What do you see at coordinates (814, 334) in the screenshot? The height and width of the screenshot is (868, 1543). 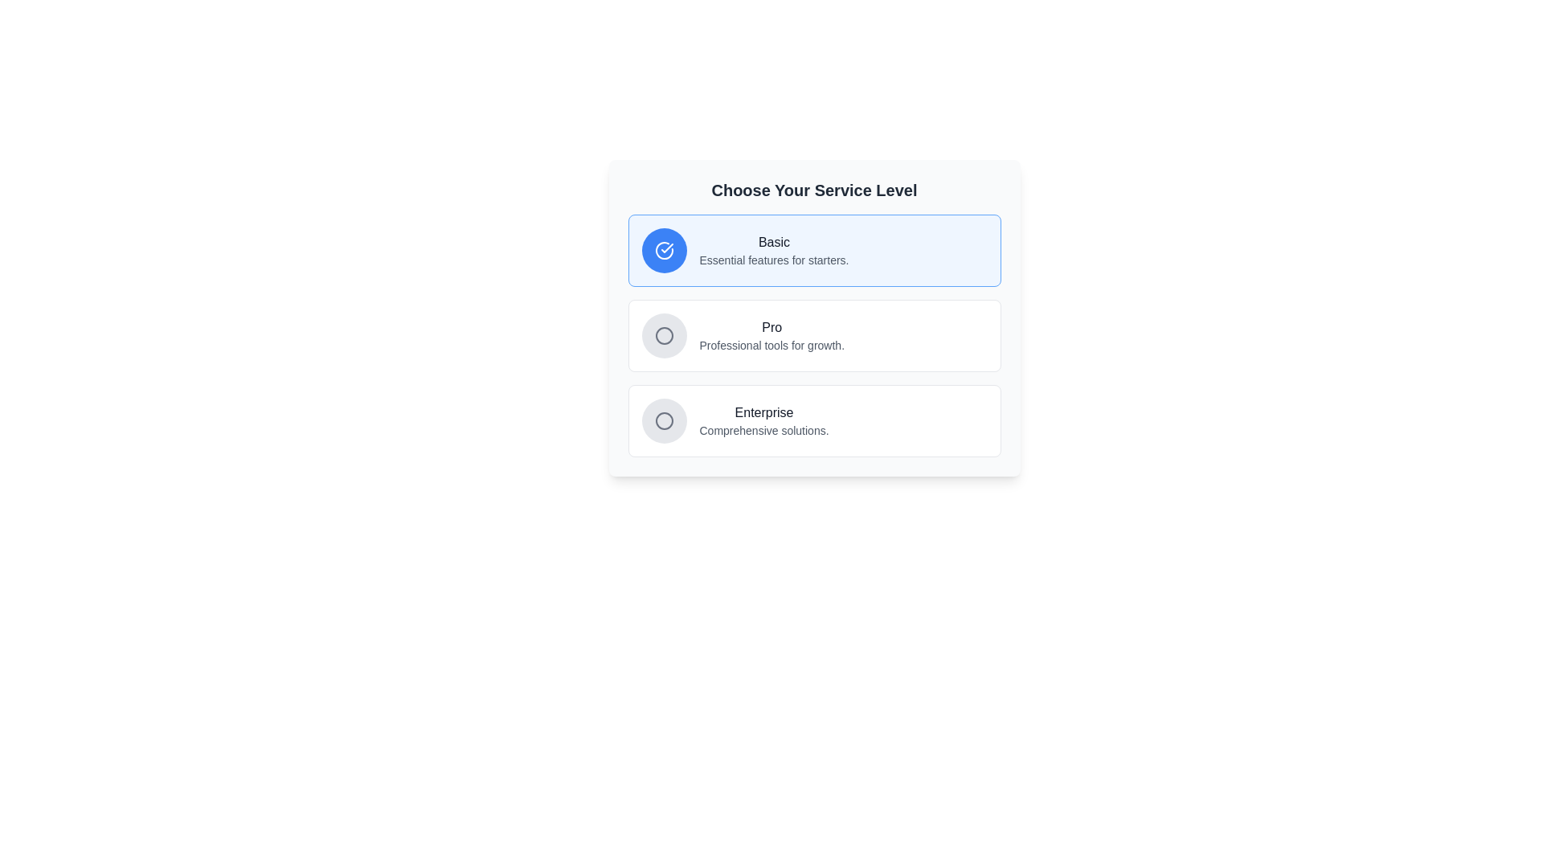 I see `the selectable option labeled 'Pro' in the vertical list of service plans` at bounding box center [814, 334].